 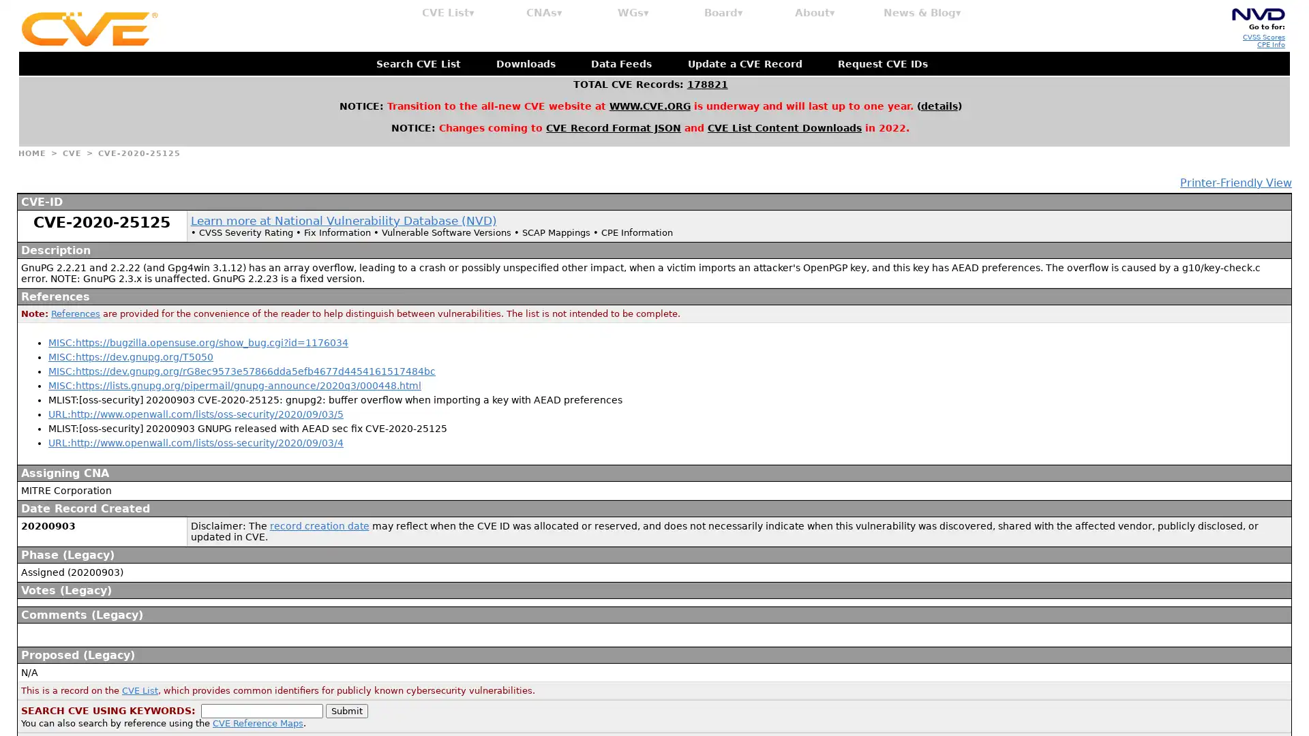 I want to click on CVE List, so click(x=448, y=13).